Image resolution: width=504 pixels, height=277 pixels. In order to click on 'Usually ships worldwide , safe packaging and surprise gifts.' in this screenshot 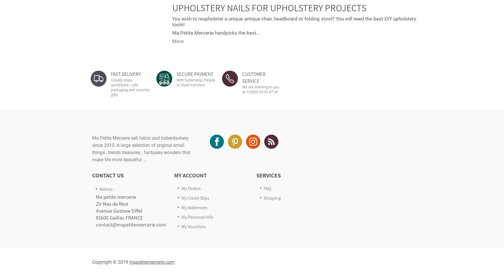, I will do `click(130, 87)`.